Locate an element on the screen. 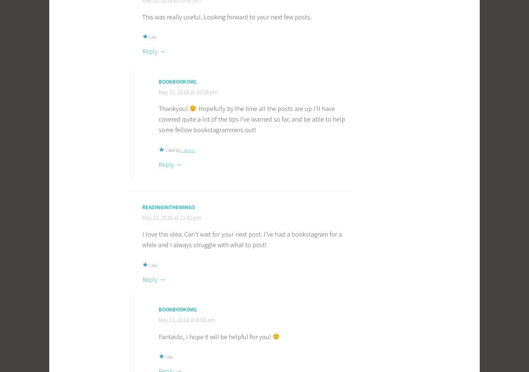  'This was really useful. Looking forward to your next few posts.' is located at coordinates (227, 16).